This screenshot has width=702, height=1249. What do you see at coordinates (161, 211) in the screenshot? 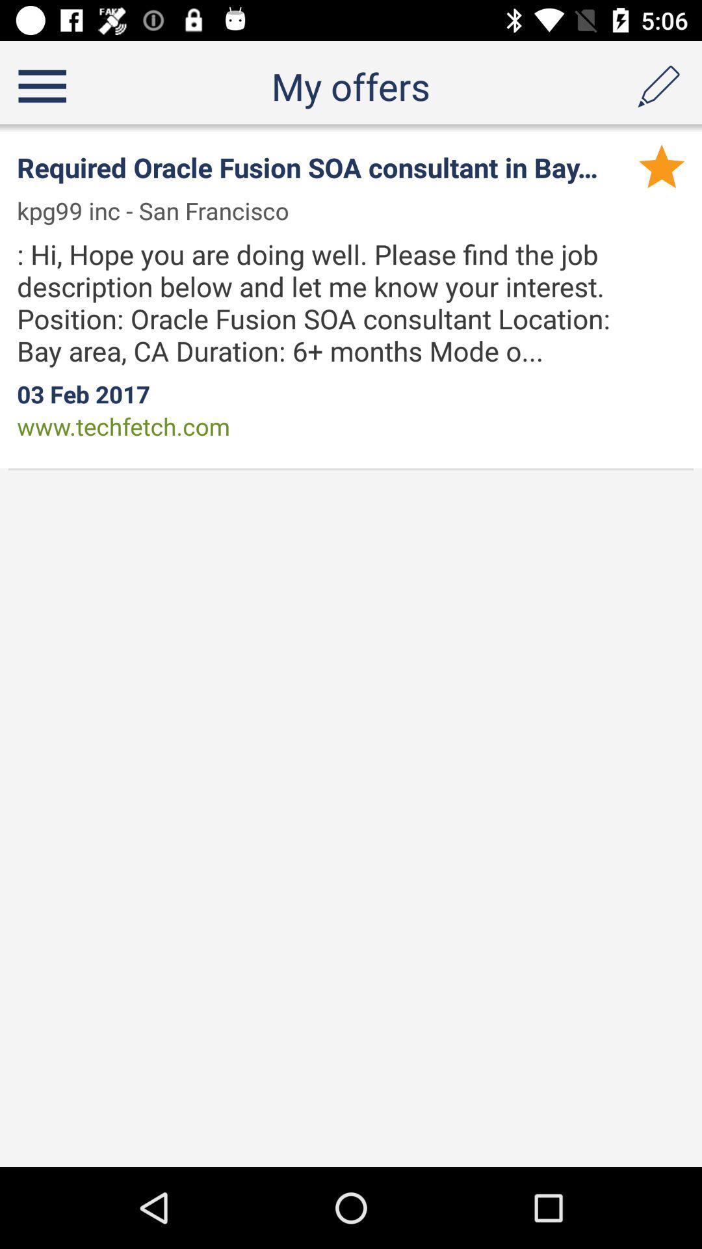
I see `app next to the w item` at bounding box center [161, 211].